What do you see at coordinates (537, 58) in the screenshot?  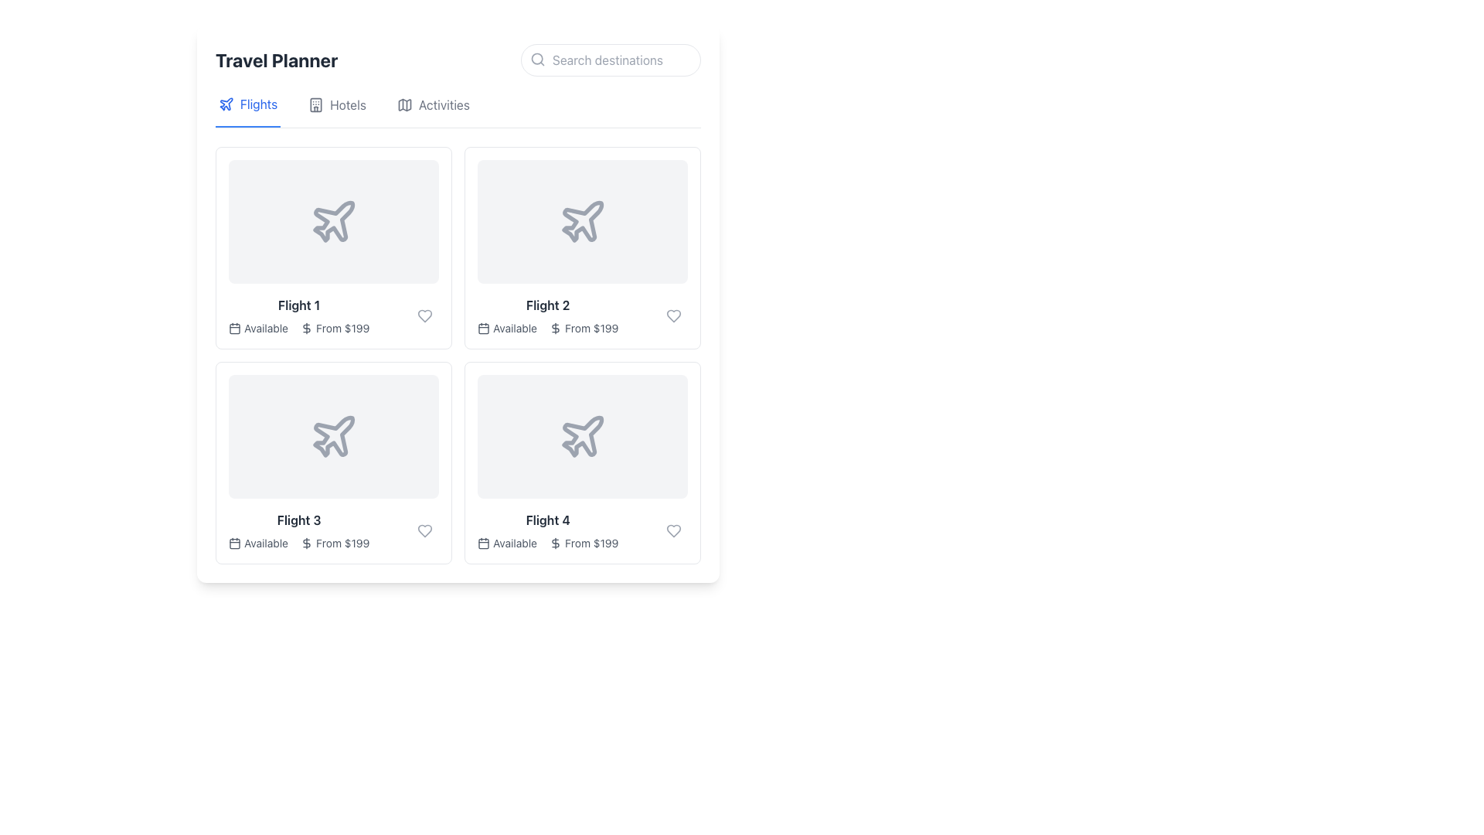 I see `the circular component of the magnifying glass within the search icon, which is positioned to the left of the input field labeled 'Search destinations'` at bounding box center [537, 58].